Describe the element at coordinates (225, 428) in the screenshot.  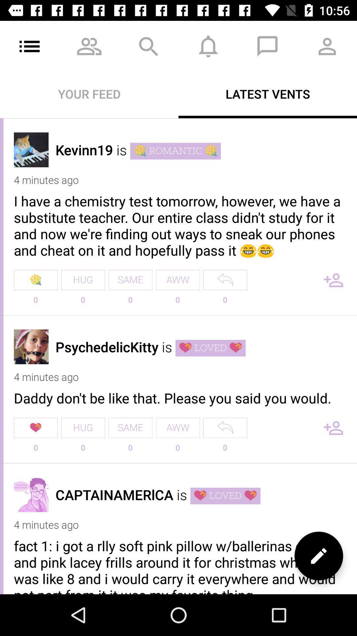
I see `reply option` at that location.